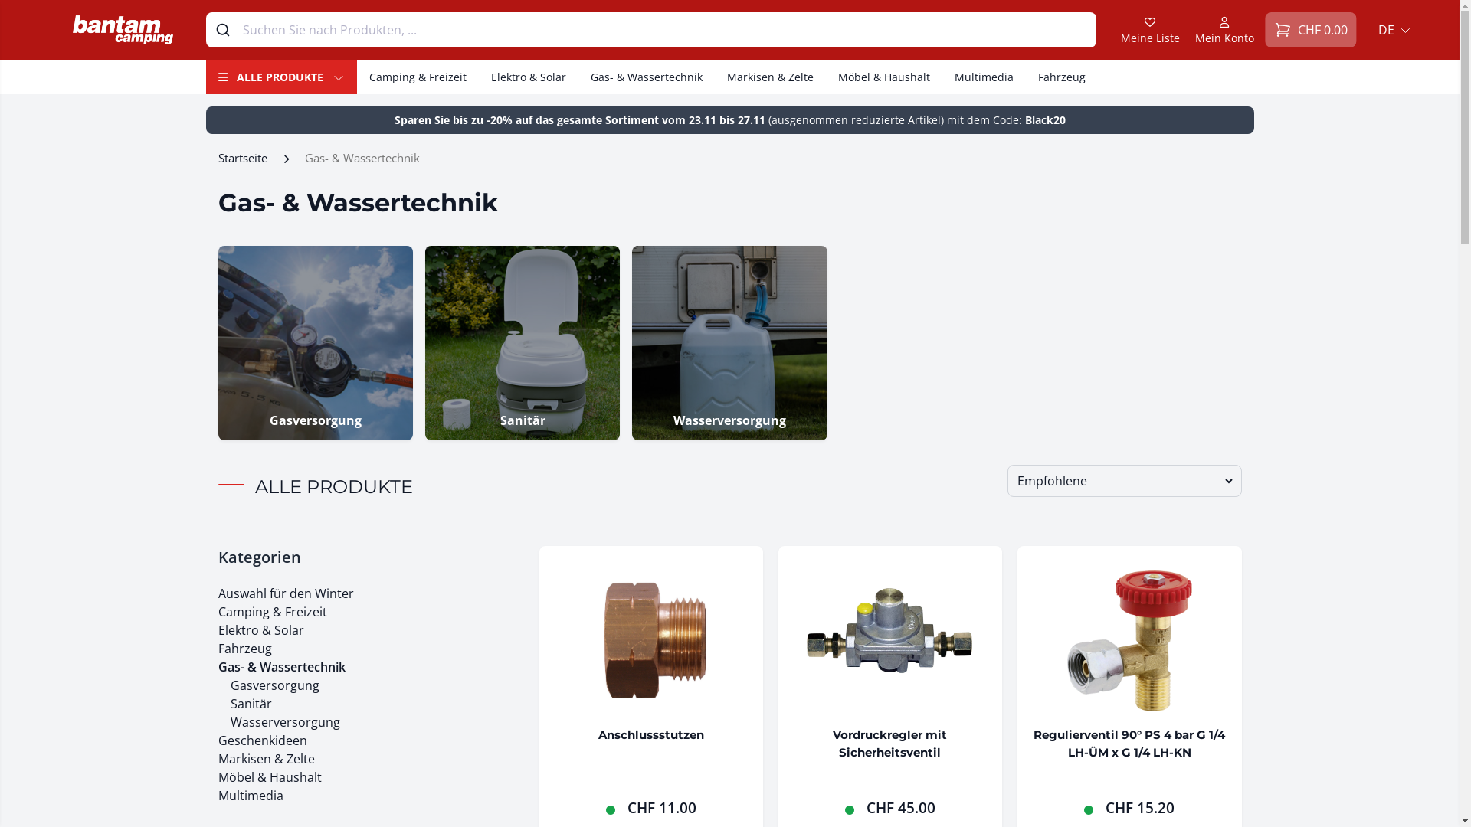  What do you see at coordinates (984, 77) in the screenshot?
I see `'Multimedia'` at bounding box center [984, 77].